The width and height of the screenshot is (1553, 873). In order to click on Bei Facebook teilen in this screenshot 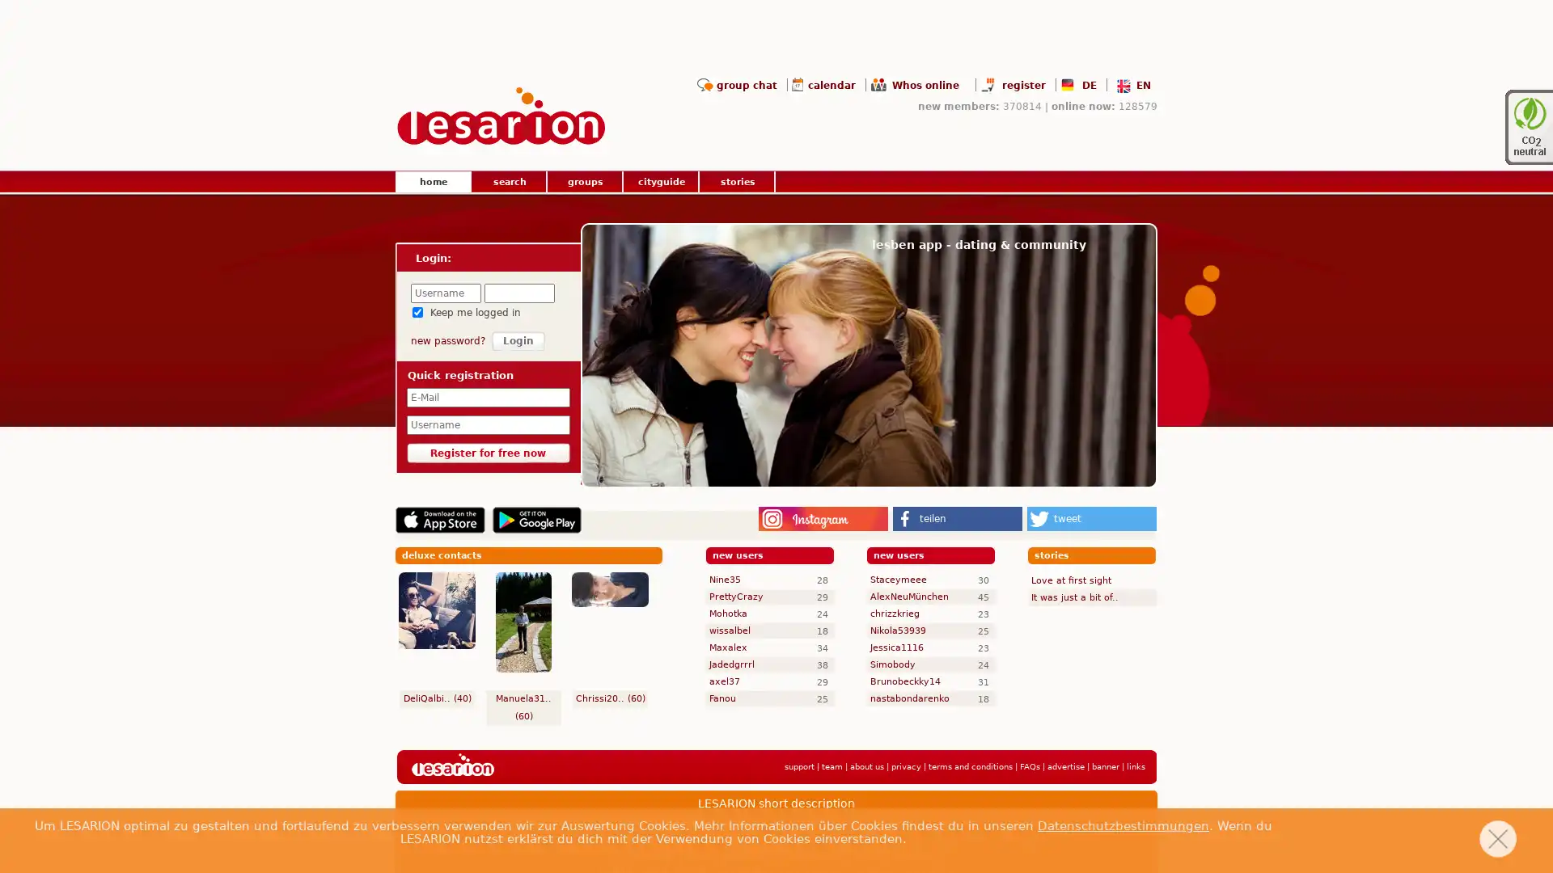, I will do `click(958, 518)`.